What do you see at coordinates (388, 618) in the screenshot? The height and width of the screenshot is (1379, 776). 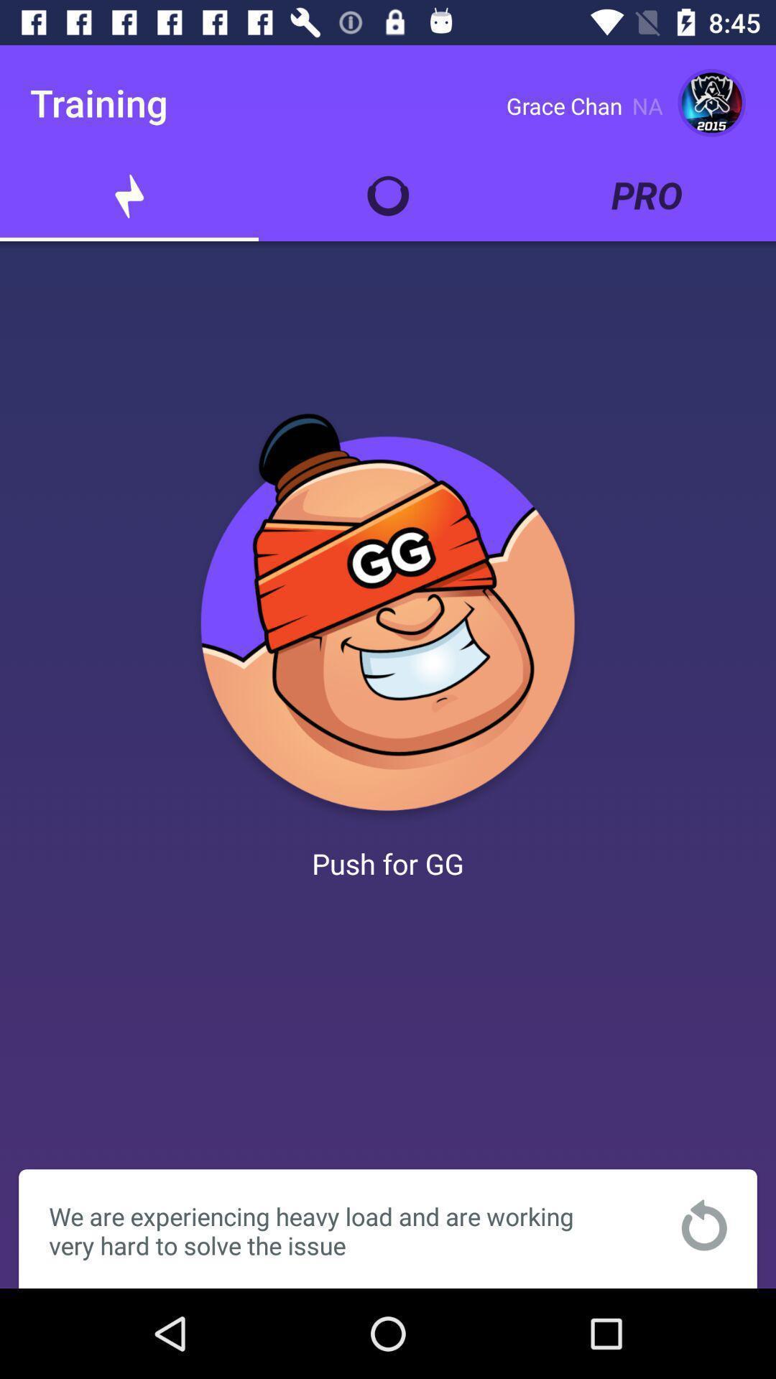 I see `the icon above push for gg` at bounding box center [388, 618].